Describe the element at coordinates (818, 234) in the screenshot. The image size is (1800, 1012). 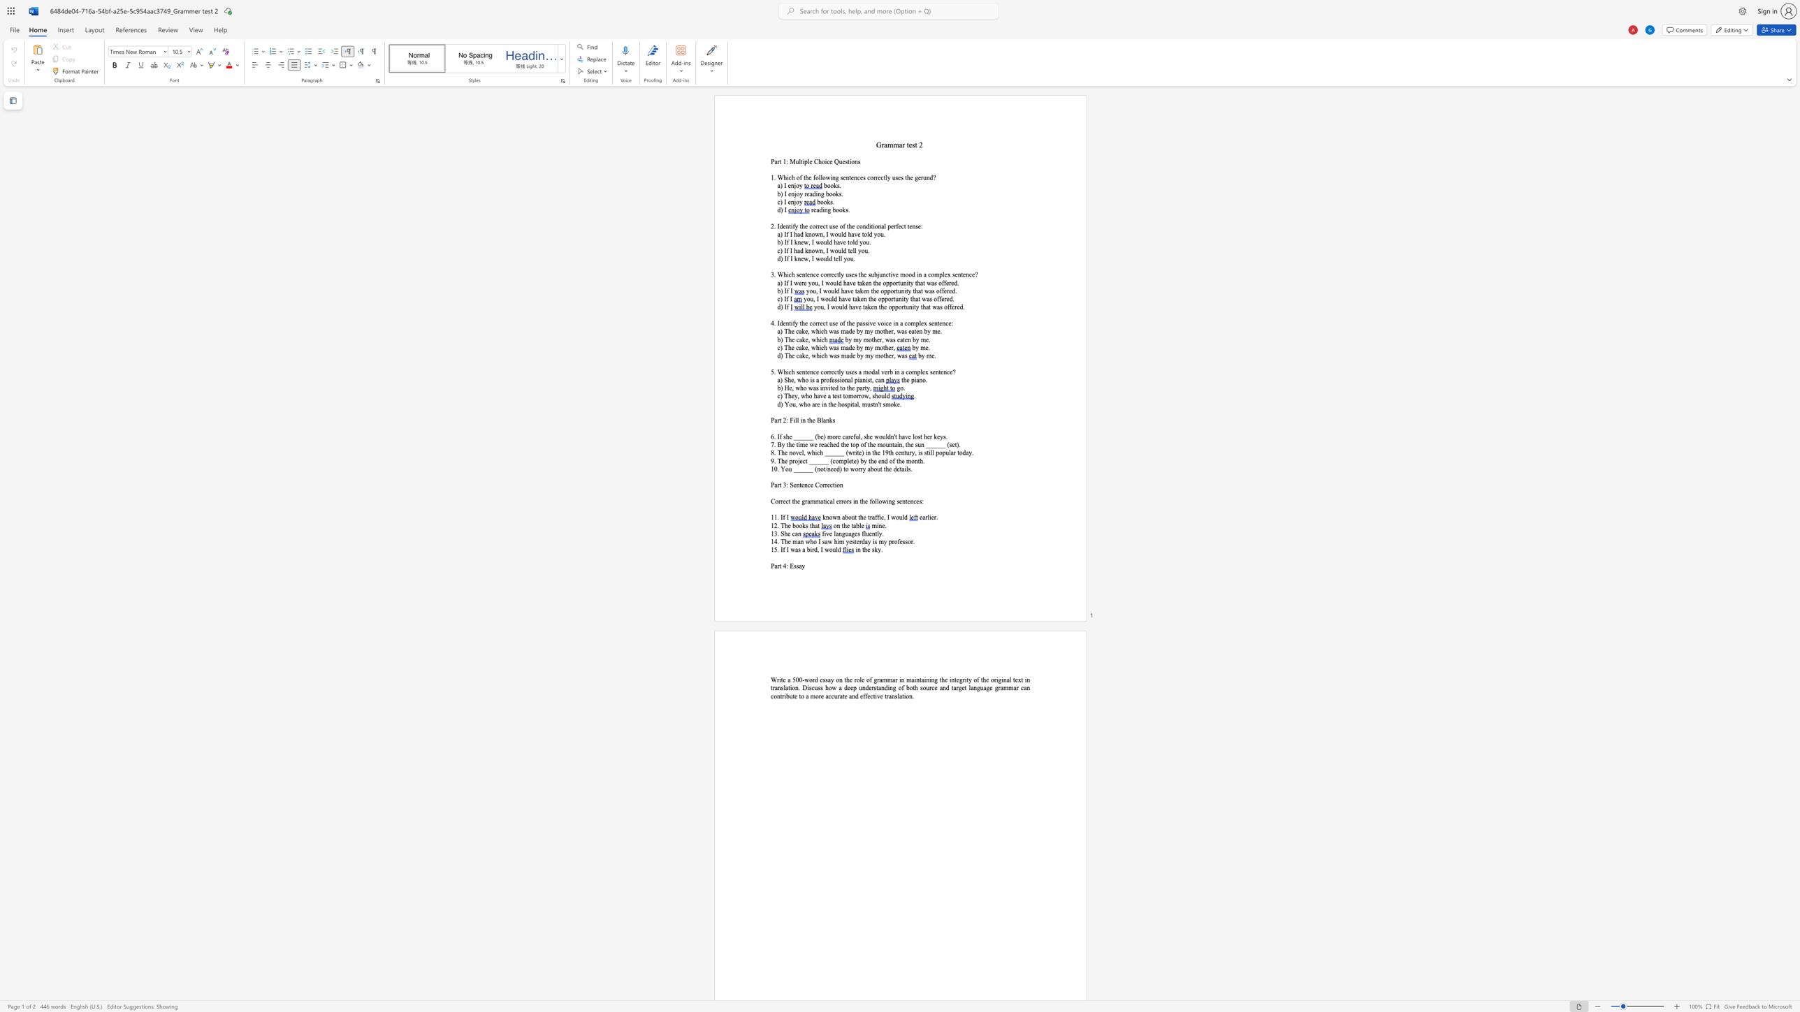
I see `the space between the continuous character "w" and "n" in the text` at that location.